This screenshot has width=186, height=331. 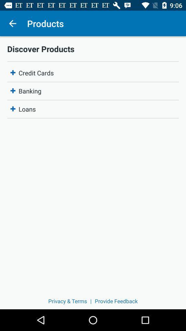 What do you see at coordinates (12, 23) in the screenshot?
I see `icon to the left of the products icon` at bounding box center [12, 23].